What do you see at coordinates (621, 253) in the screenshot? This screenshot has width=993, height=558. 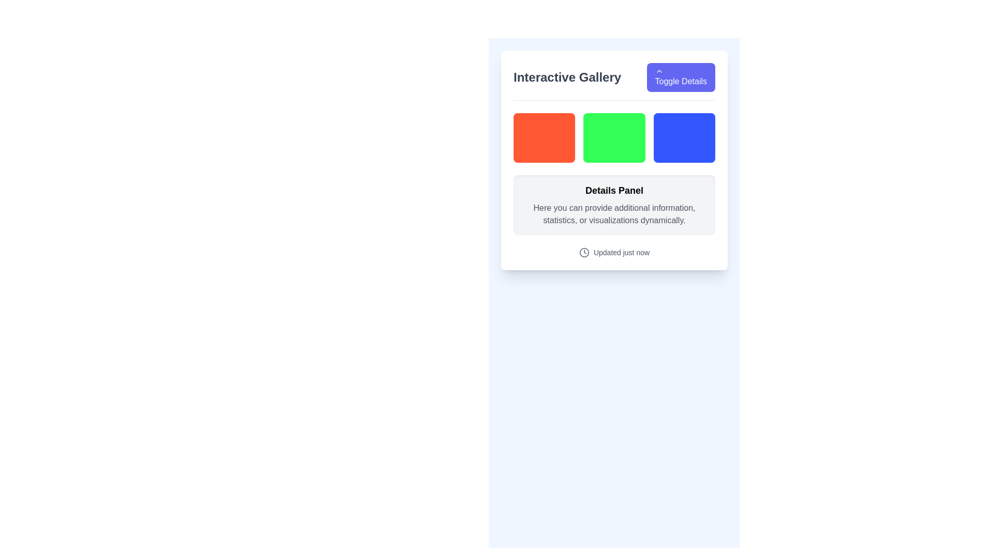 I see `the timestamp or status indicator text located at the bottom center of the card-like panel, positioned to the right of the clock icon` at bounding box center [621, 253].